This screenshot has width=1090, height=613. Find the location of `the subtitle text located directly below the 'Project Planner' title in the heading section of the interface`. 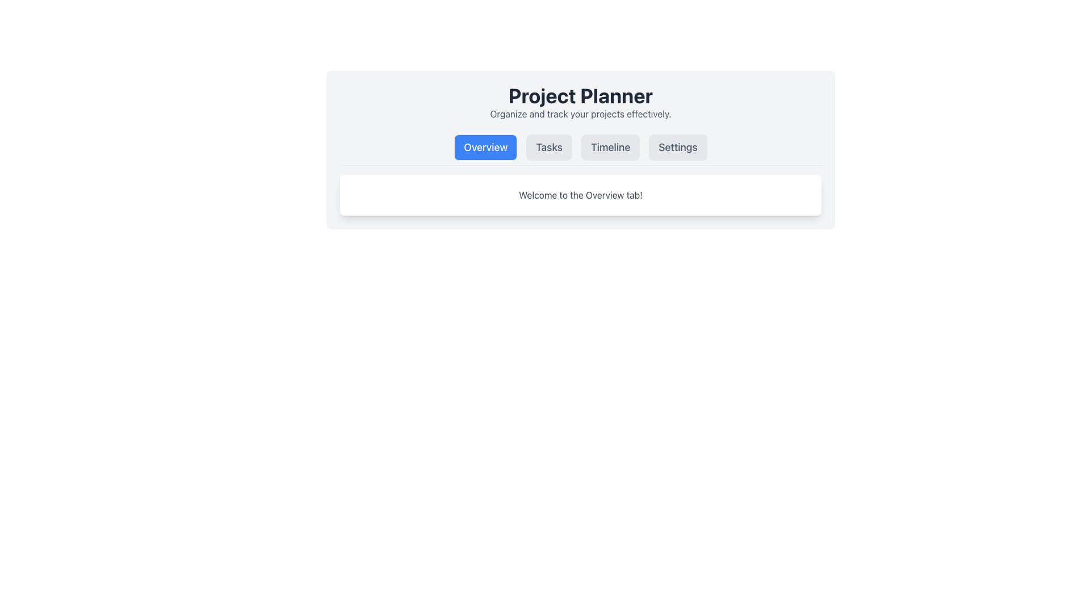

the subtitle text located directly below the 'Project Planner' title in the heading section of the interface is located at coordinates (580, 114).